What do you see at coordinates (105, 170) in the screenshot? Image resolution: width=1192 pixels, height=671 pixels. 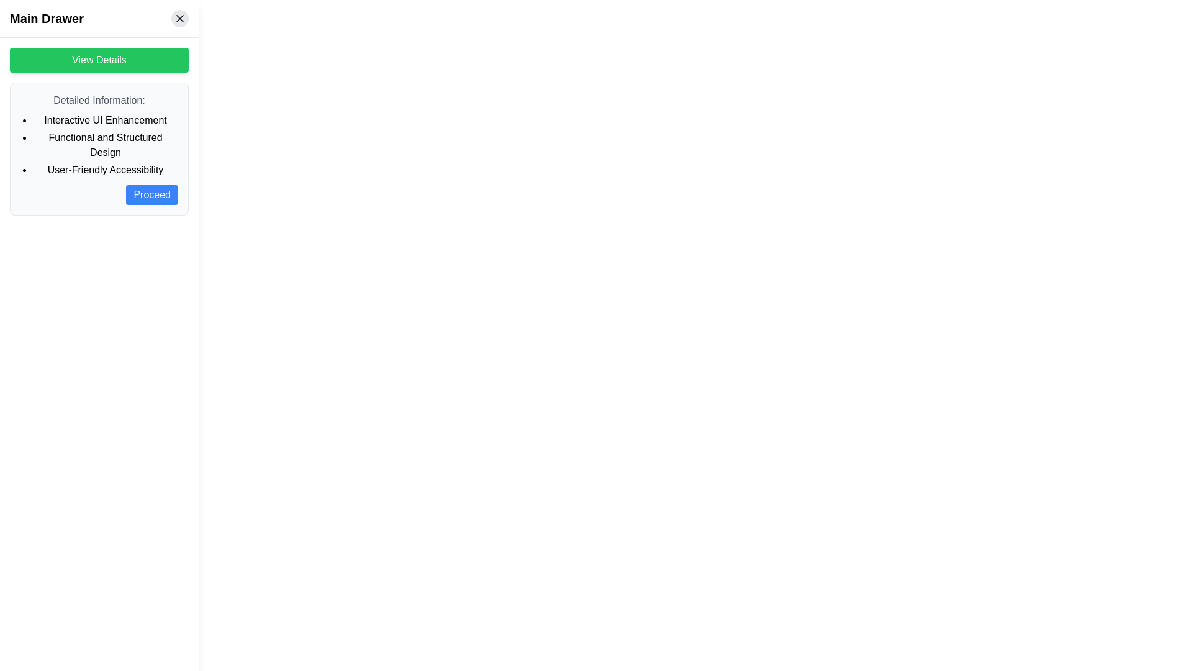 I see `the third informational text item in the 'Detailed Information' list, which describes a feature or attribute, positioned below 'Functional and Structured Design'` at bounding box center [105, 170].